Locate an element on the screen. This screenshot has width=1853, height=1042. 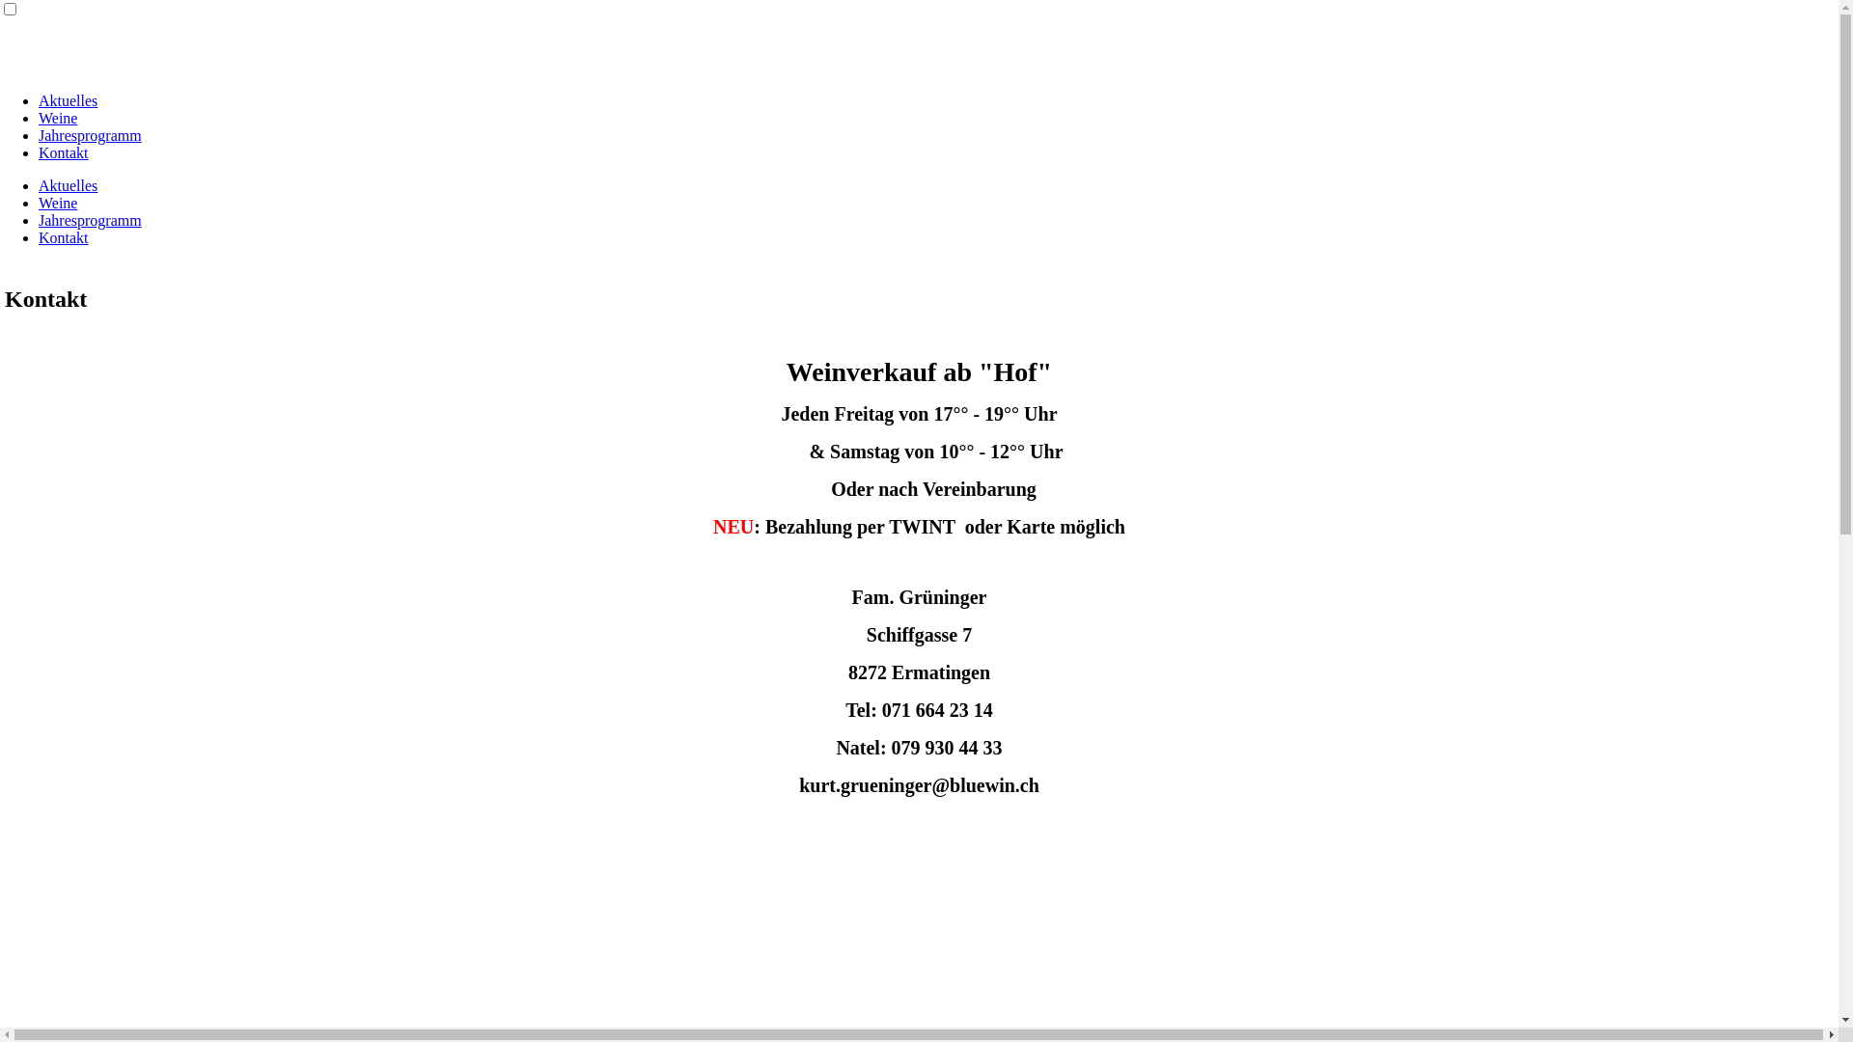
'Jahresprogramm' is located at coordinates (89, 134).